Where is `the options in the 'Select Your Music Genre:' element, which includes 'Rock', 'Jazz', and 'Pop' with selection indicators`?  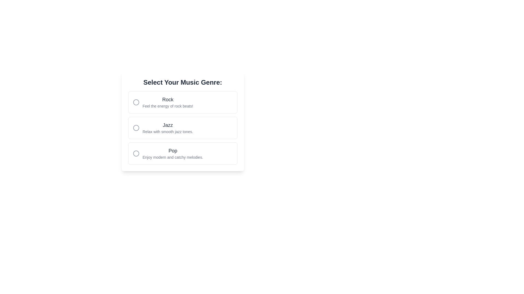
the options in the 'Select Your Music Genre:' element, which includes 'Rock', 'Jazz', and 'Pop' with selection indicators is located at coordinates (183, 121).